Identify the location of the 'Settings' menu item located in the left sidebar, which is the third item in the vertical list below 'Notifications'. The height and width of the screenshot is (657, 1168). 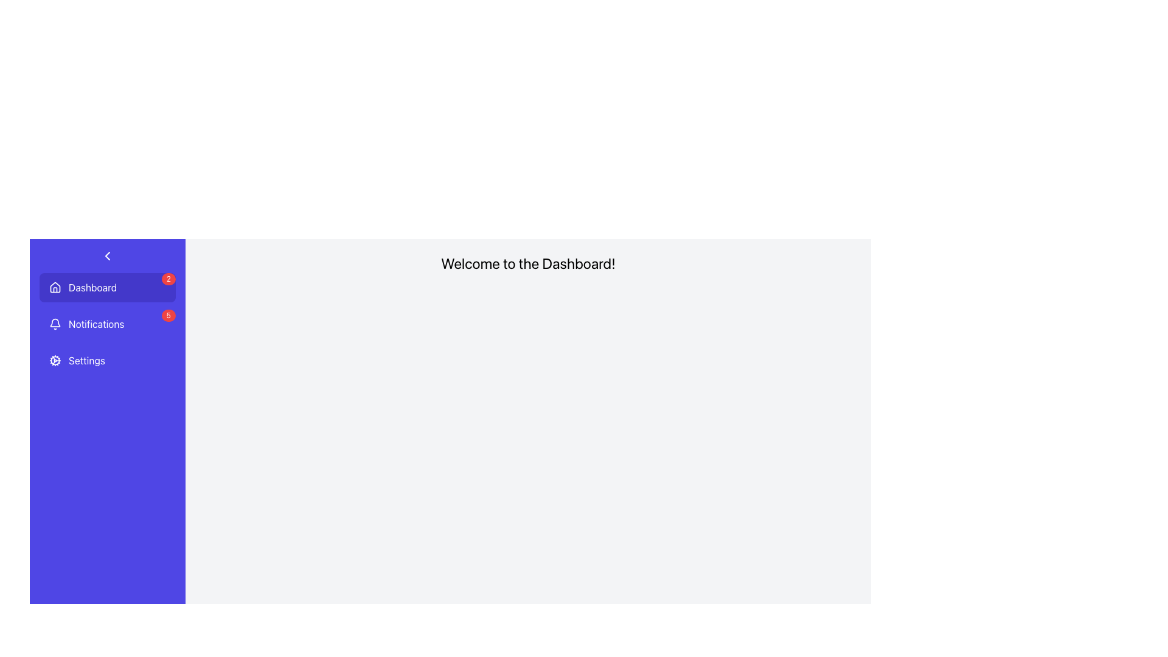
(108, 360).